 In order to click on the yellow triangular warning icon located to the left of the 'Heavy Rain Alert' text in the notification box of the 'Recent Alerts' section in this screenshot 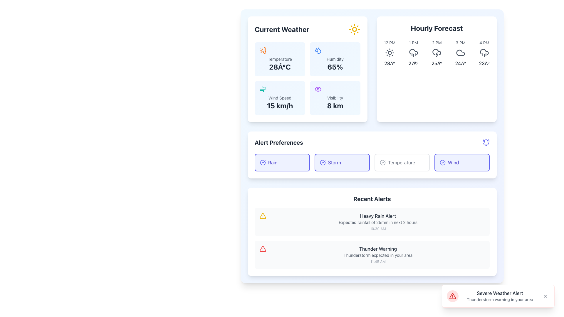, I will do `click(262, 216)`.